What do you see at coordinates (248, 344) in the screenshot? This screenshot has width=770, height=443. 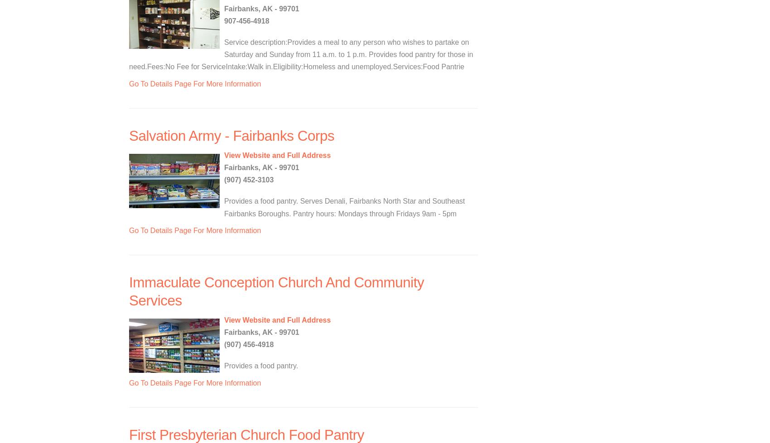 I see `'(907) 456-4918'` at bounding box center [248, 344].